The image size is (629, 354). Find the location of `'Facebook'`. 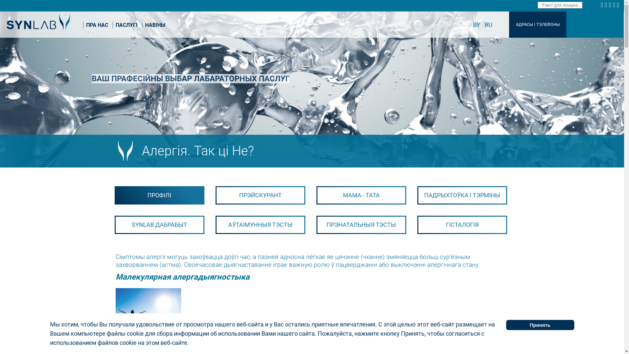

'Facebook' is located at coordinates (602, 5).